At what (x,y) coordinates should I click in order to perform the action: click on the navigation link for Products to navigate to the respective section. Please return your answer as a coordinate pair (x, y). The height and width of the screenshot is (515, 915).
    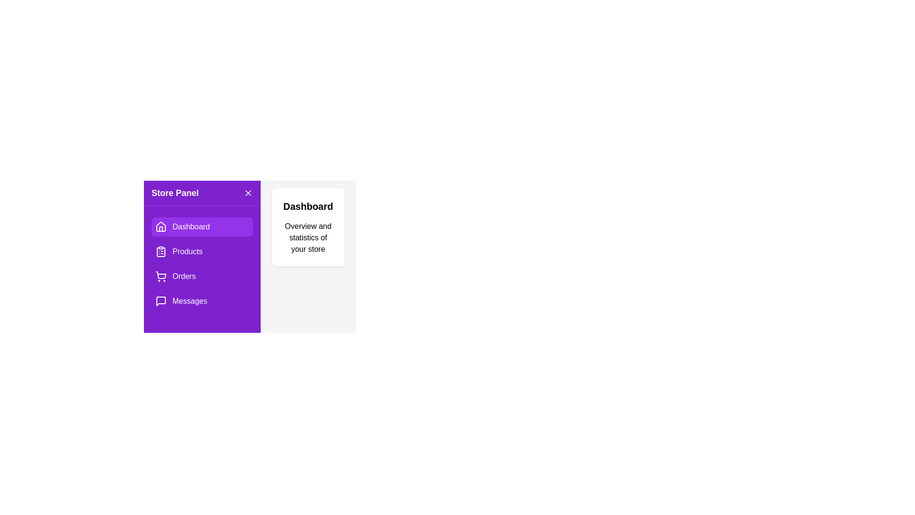
    Looking at the image, I should click on (201, 251).